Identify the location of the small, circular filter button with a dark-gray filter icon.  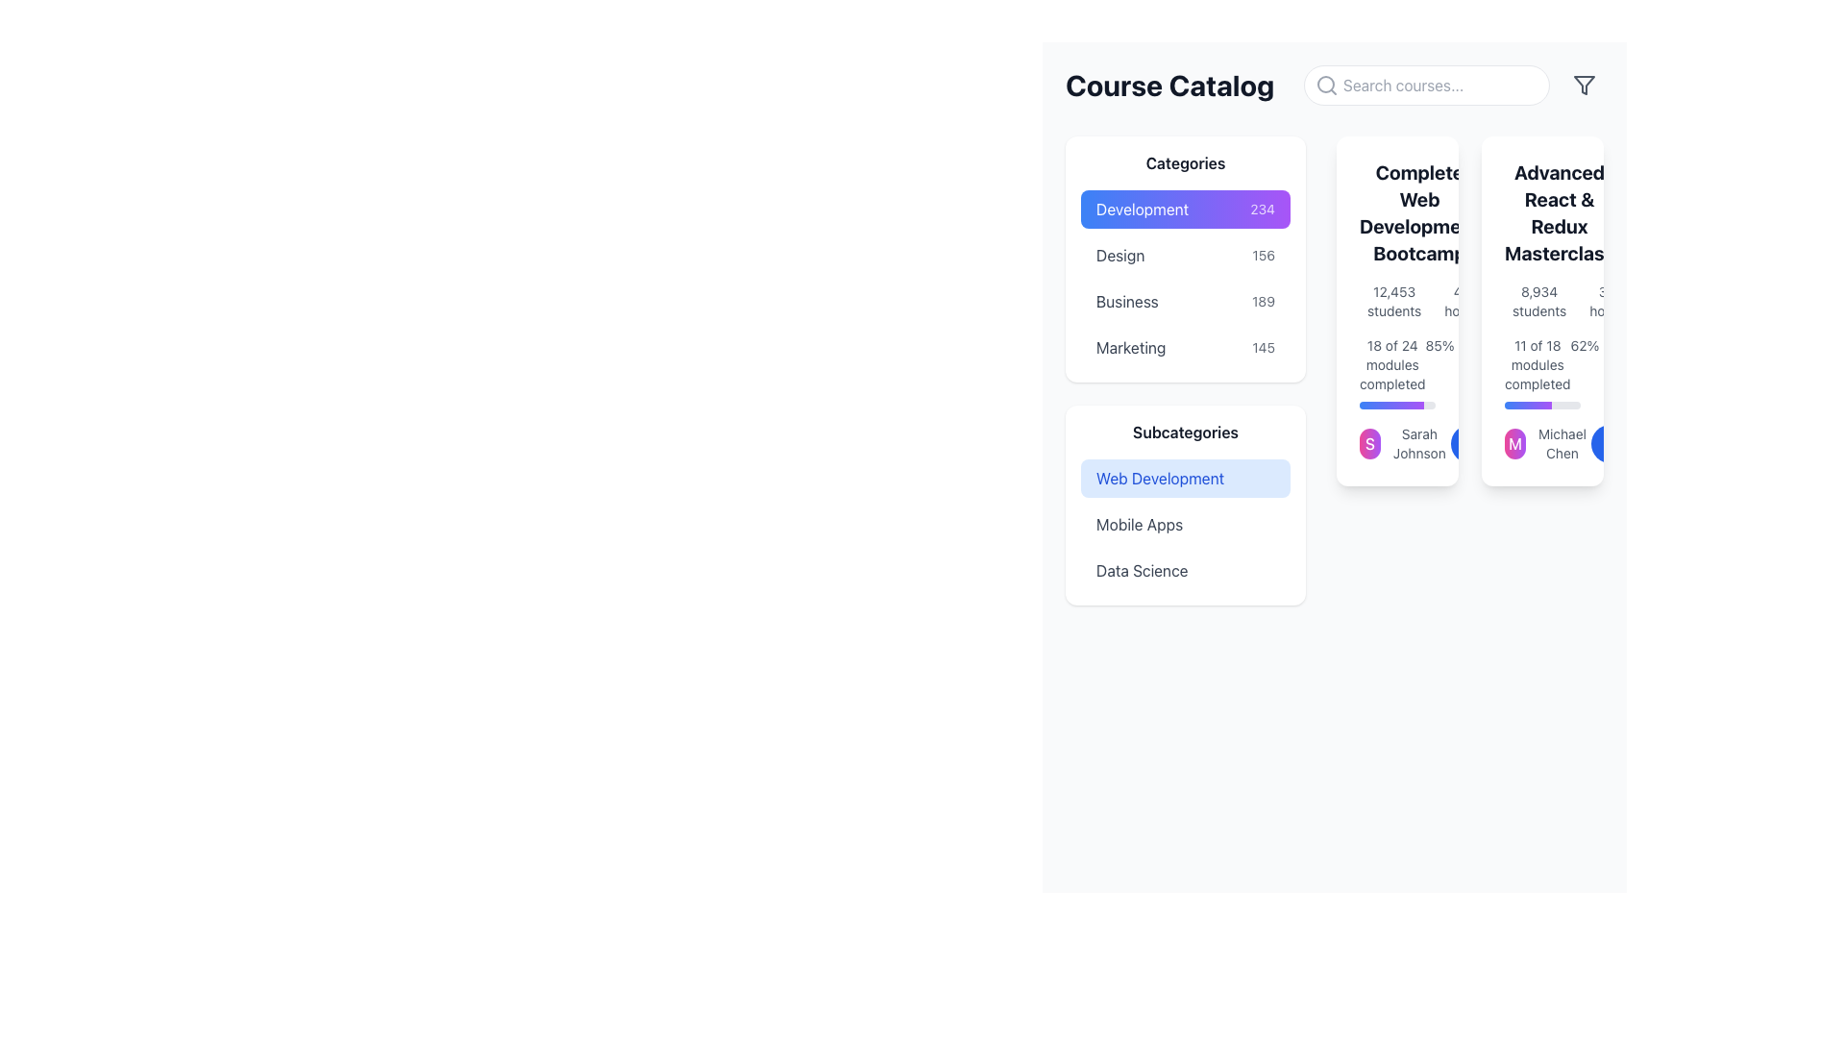
(1585, 84).